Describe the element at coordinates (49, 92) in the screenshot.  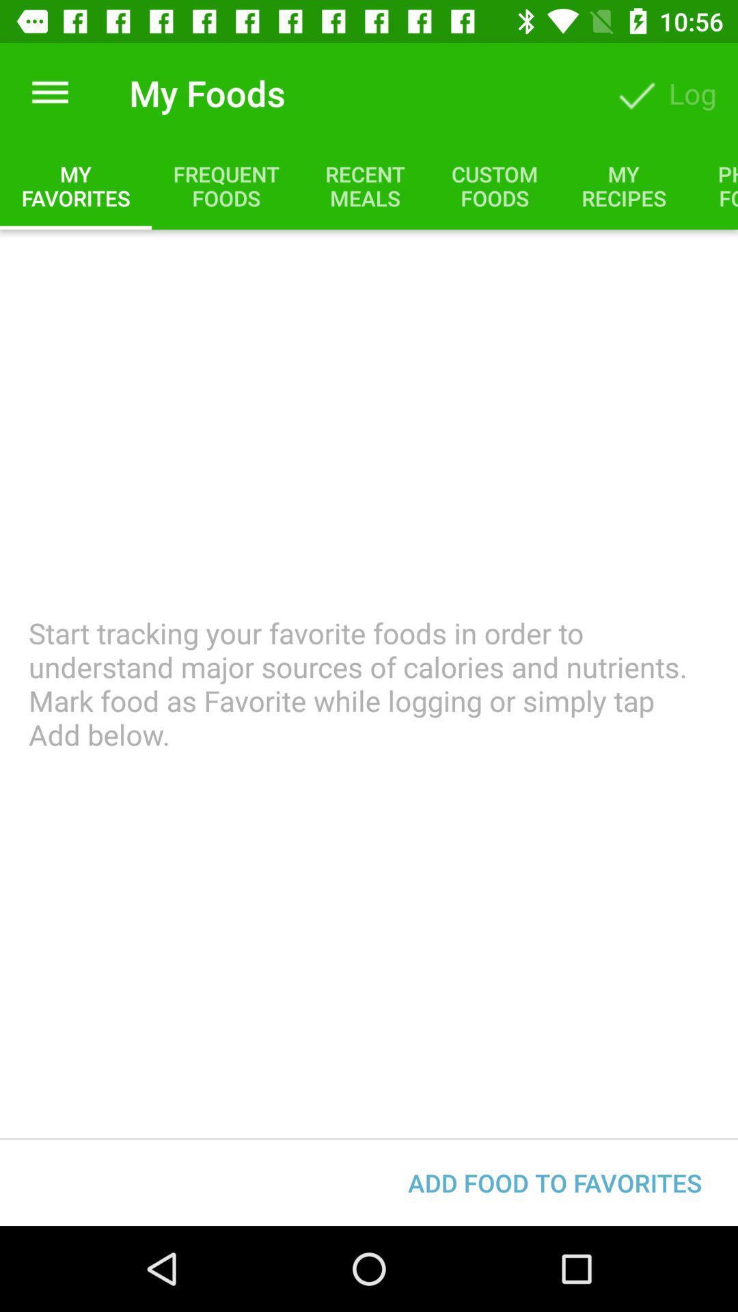
I see `the icon next to the my foods item` at that location.